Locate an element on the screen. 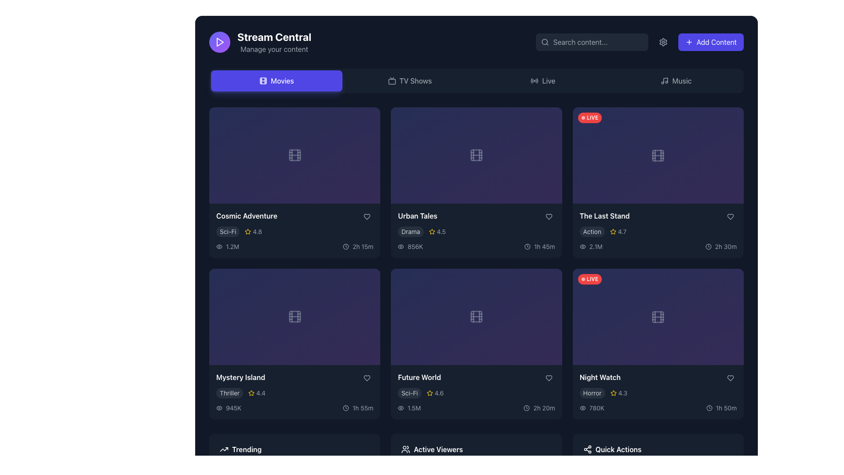 The height and width of the screenshot is (475, 844). view count text ('945K') displayed on the Text label associated with the eye icon for the 'Mystery Island' content block is located at coordinates (229, 408).